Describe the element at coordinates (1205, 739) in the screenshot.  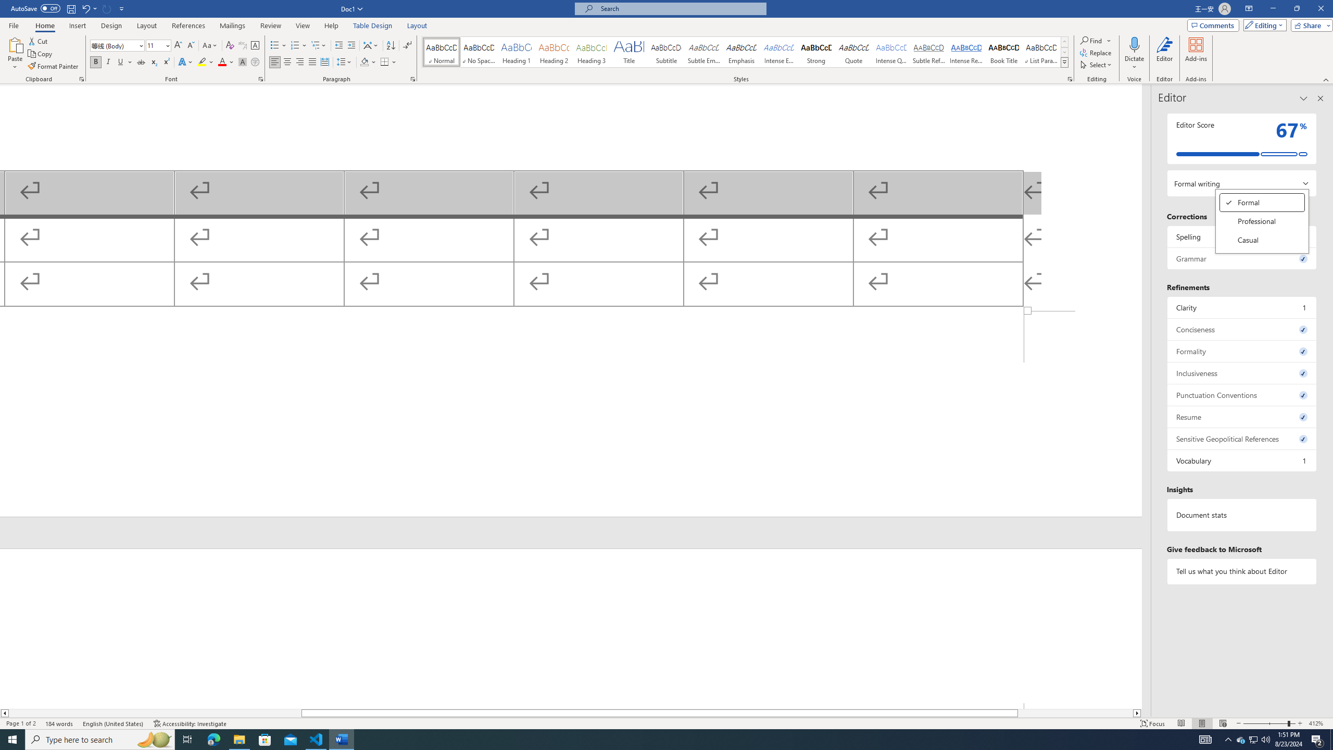
I see `'AutomationID: 4105'` at that location.